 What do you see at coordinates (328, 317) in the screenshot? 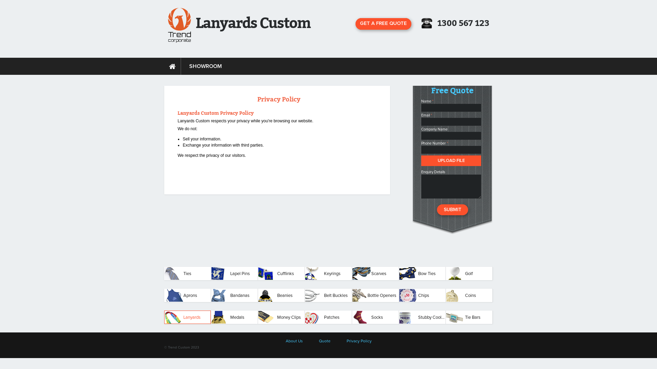
I see `'Patches'` at bounding box center [328, 317].